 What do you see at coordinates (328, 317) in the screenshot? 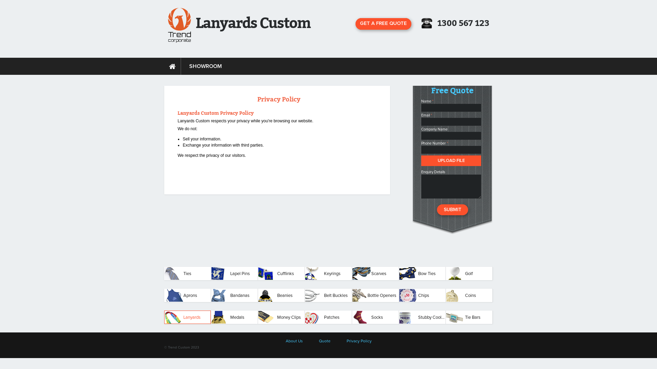
I see `'Patches'` at bounding box center [328, 317].